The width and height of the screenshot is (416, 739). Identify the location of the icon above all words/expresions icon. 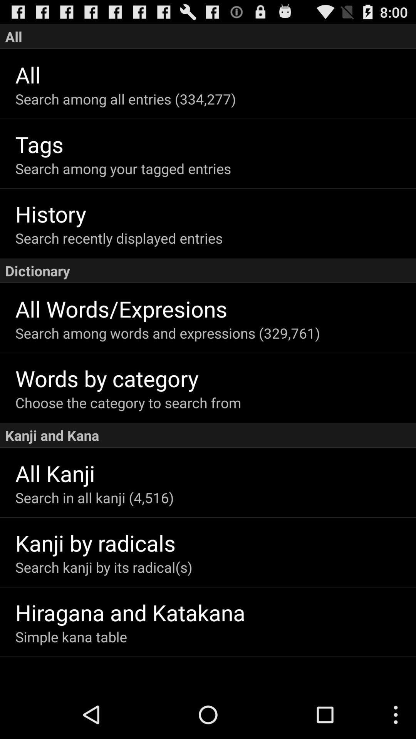
(208, 271).